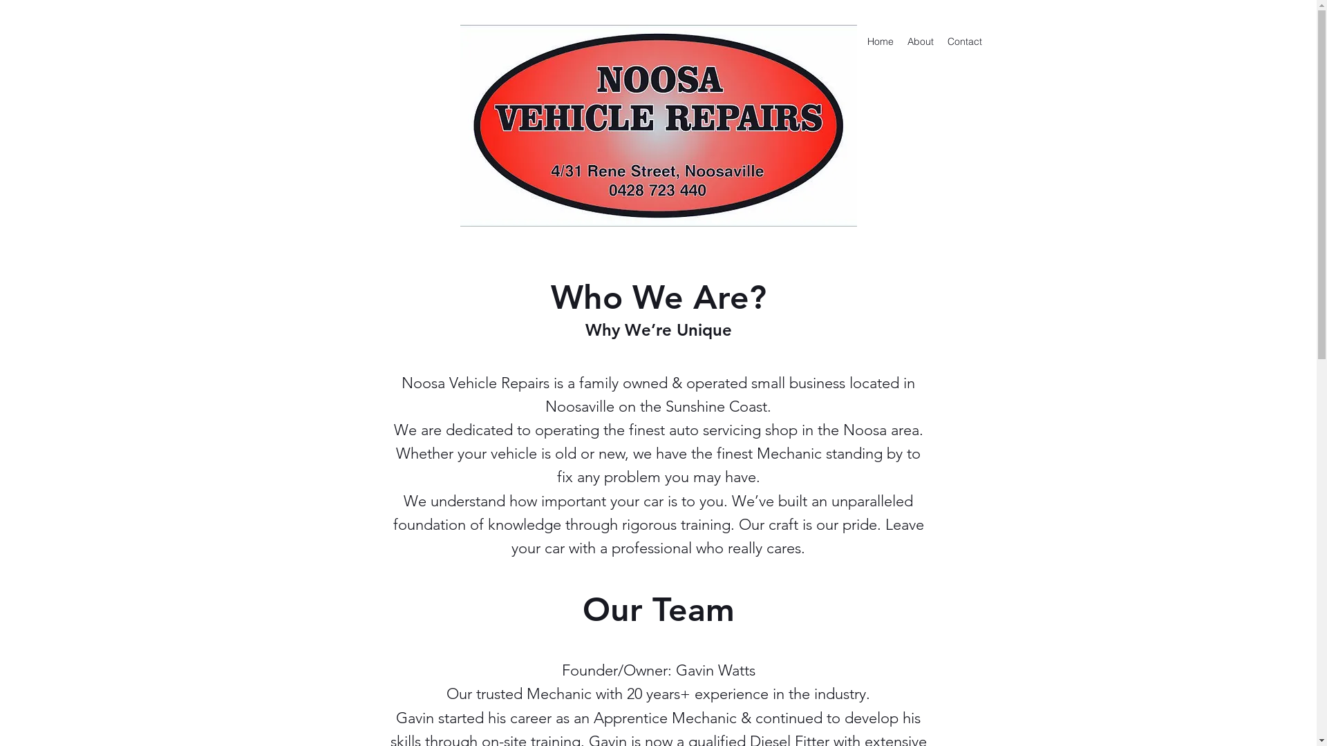 This screenshot has height=746, width=1327. Describe the element at coordinates (878, 41) in the screenshot. I see `'Home'` at that location.